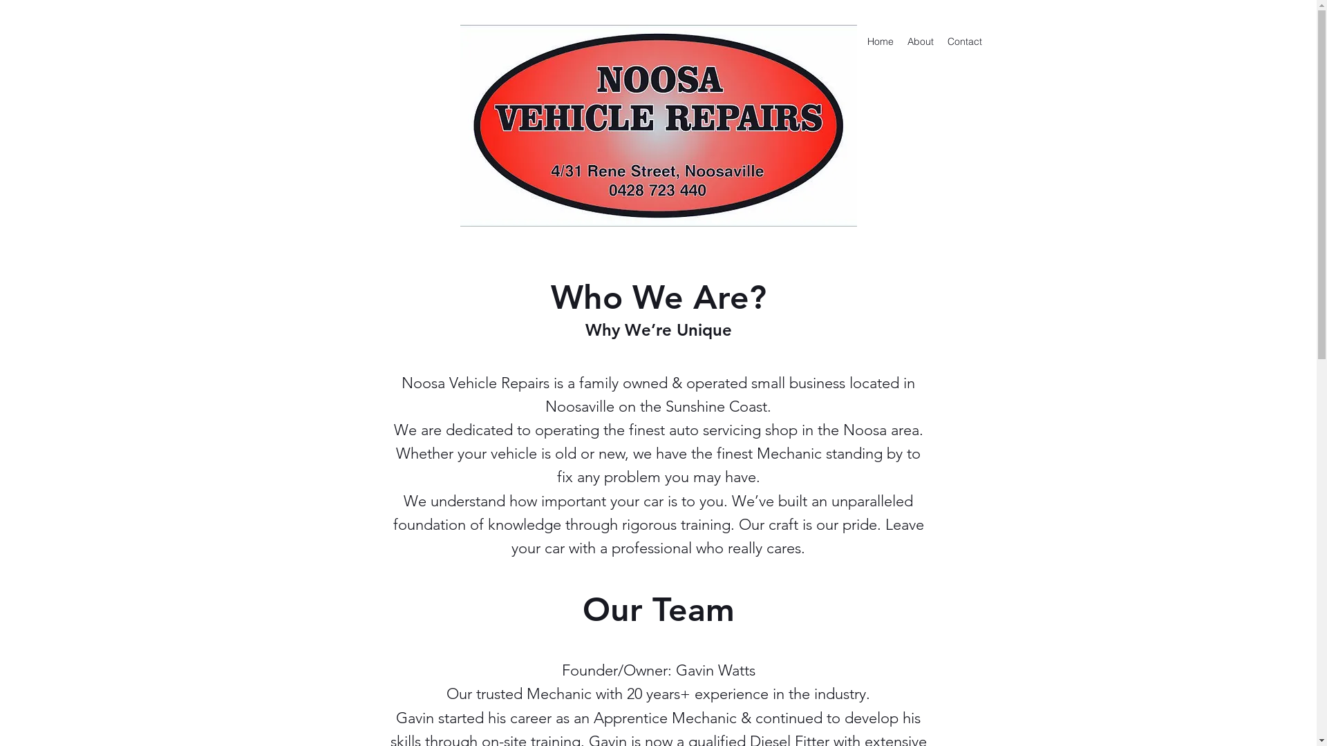 This screenshot has height=746, width=1327. Describe the element at coordinates (878, 41) in the screenshot. I see `'Home'` at that location.